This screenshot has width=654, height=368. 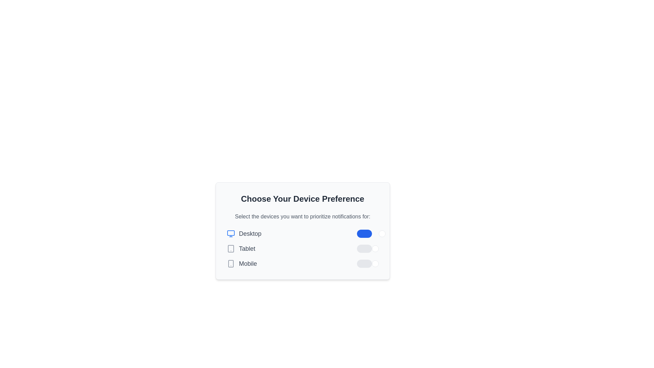 What do you see at coordinates (248, 263) in the screenshot?
I see `the 'Mobile' notification preference label, which is the last item in the 'Choose Your Device Preference' section and is located to the right of a smartphone icon` at bounding box center [248, 263].